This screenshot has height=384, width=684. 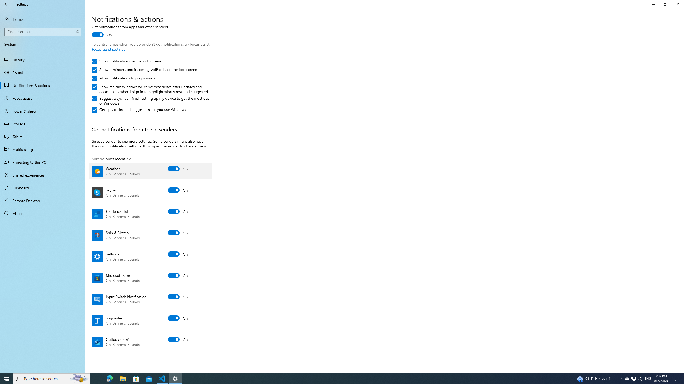 I want to click on 'Projecting to this PC', so click(x=42, y=162).